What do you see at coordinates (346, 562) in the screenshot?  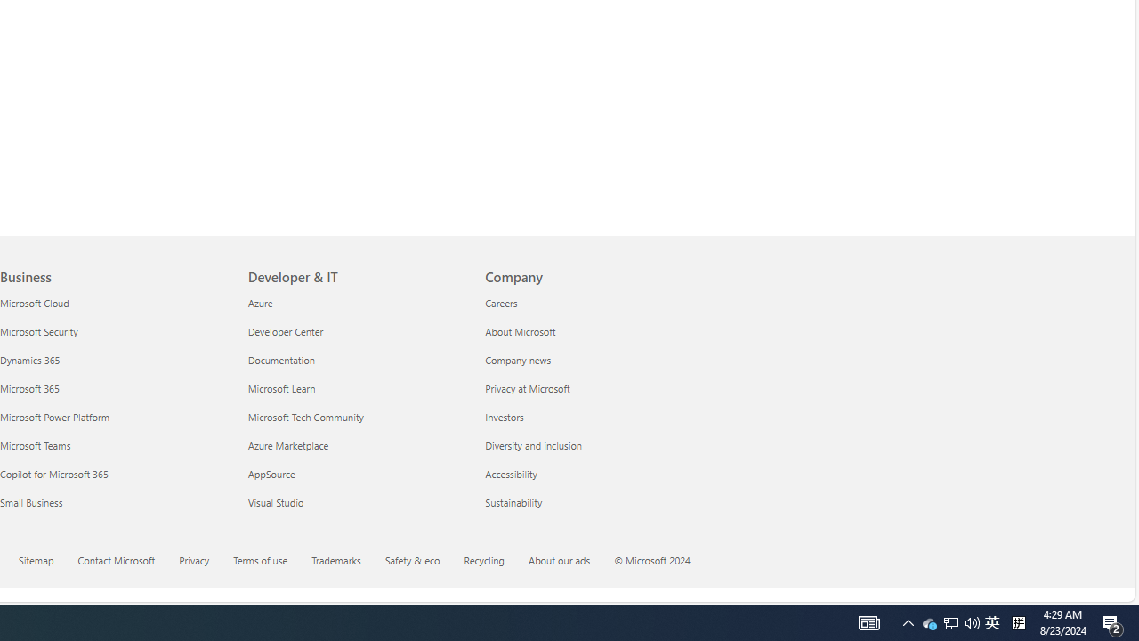 I see `'Trademarks'` at bounding box center [346, 562].